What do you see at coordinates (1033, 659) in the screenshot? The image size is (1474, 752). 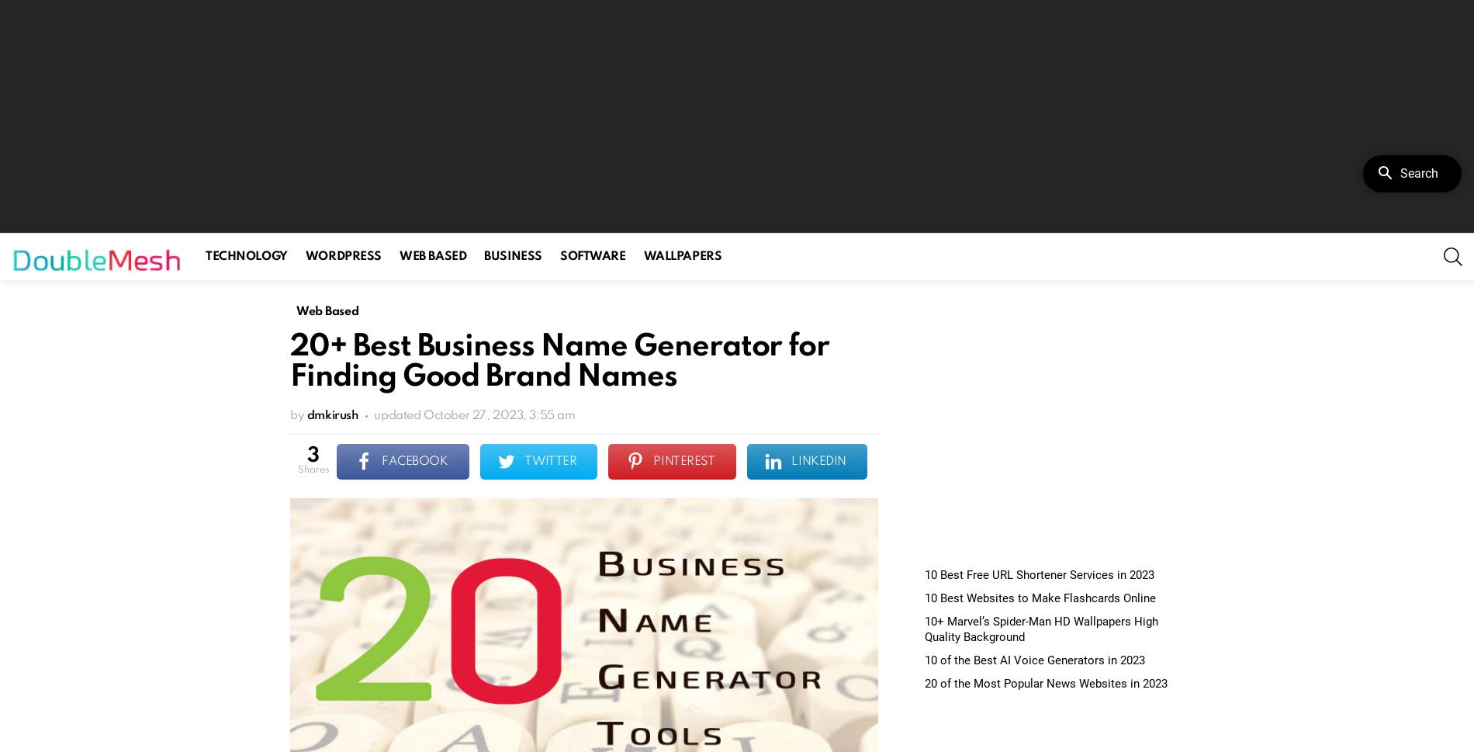 I see `'10 of the Best AI Voice Generators in 2023'` at bounding box center [1033, 659].